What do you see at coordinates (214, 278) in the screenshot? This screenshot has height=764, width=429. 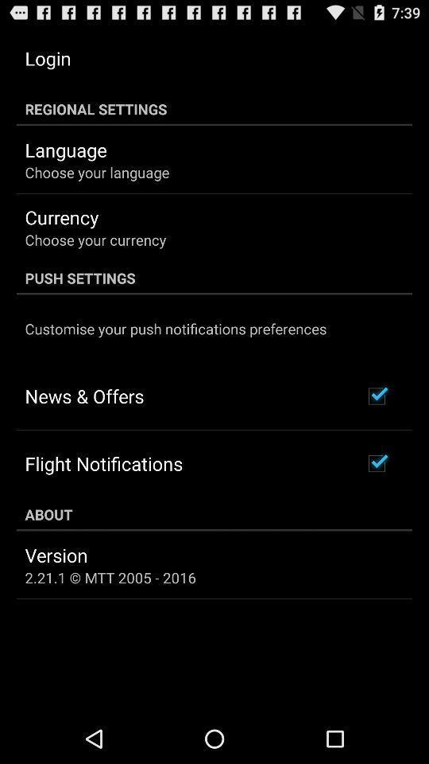 I see `the icon above the customise your push app` at bounding box center [214, 278].